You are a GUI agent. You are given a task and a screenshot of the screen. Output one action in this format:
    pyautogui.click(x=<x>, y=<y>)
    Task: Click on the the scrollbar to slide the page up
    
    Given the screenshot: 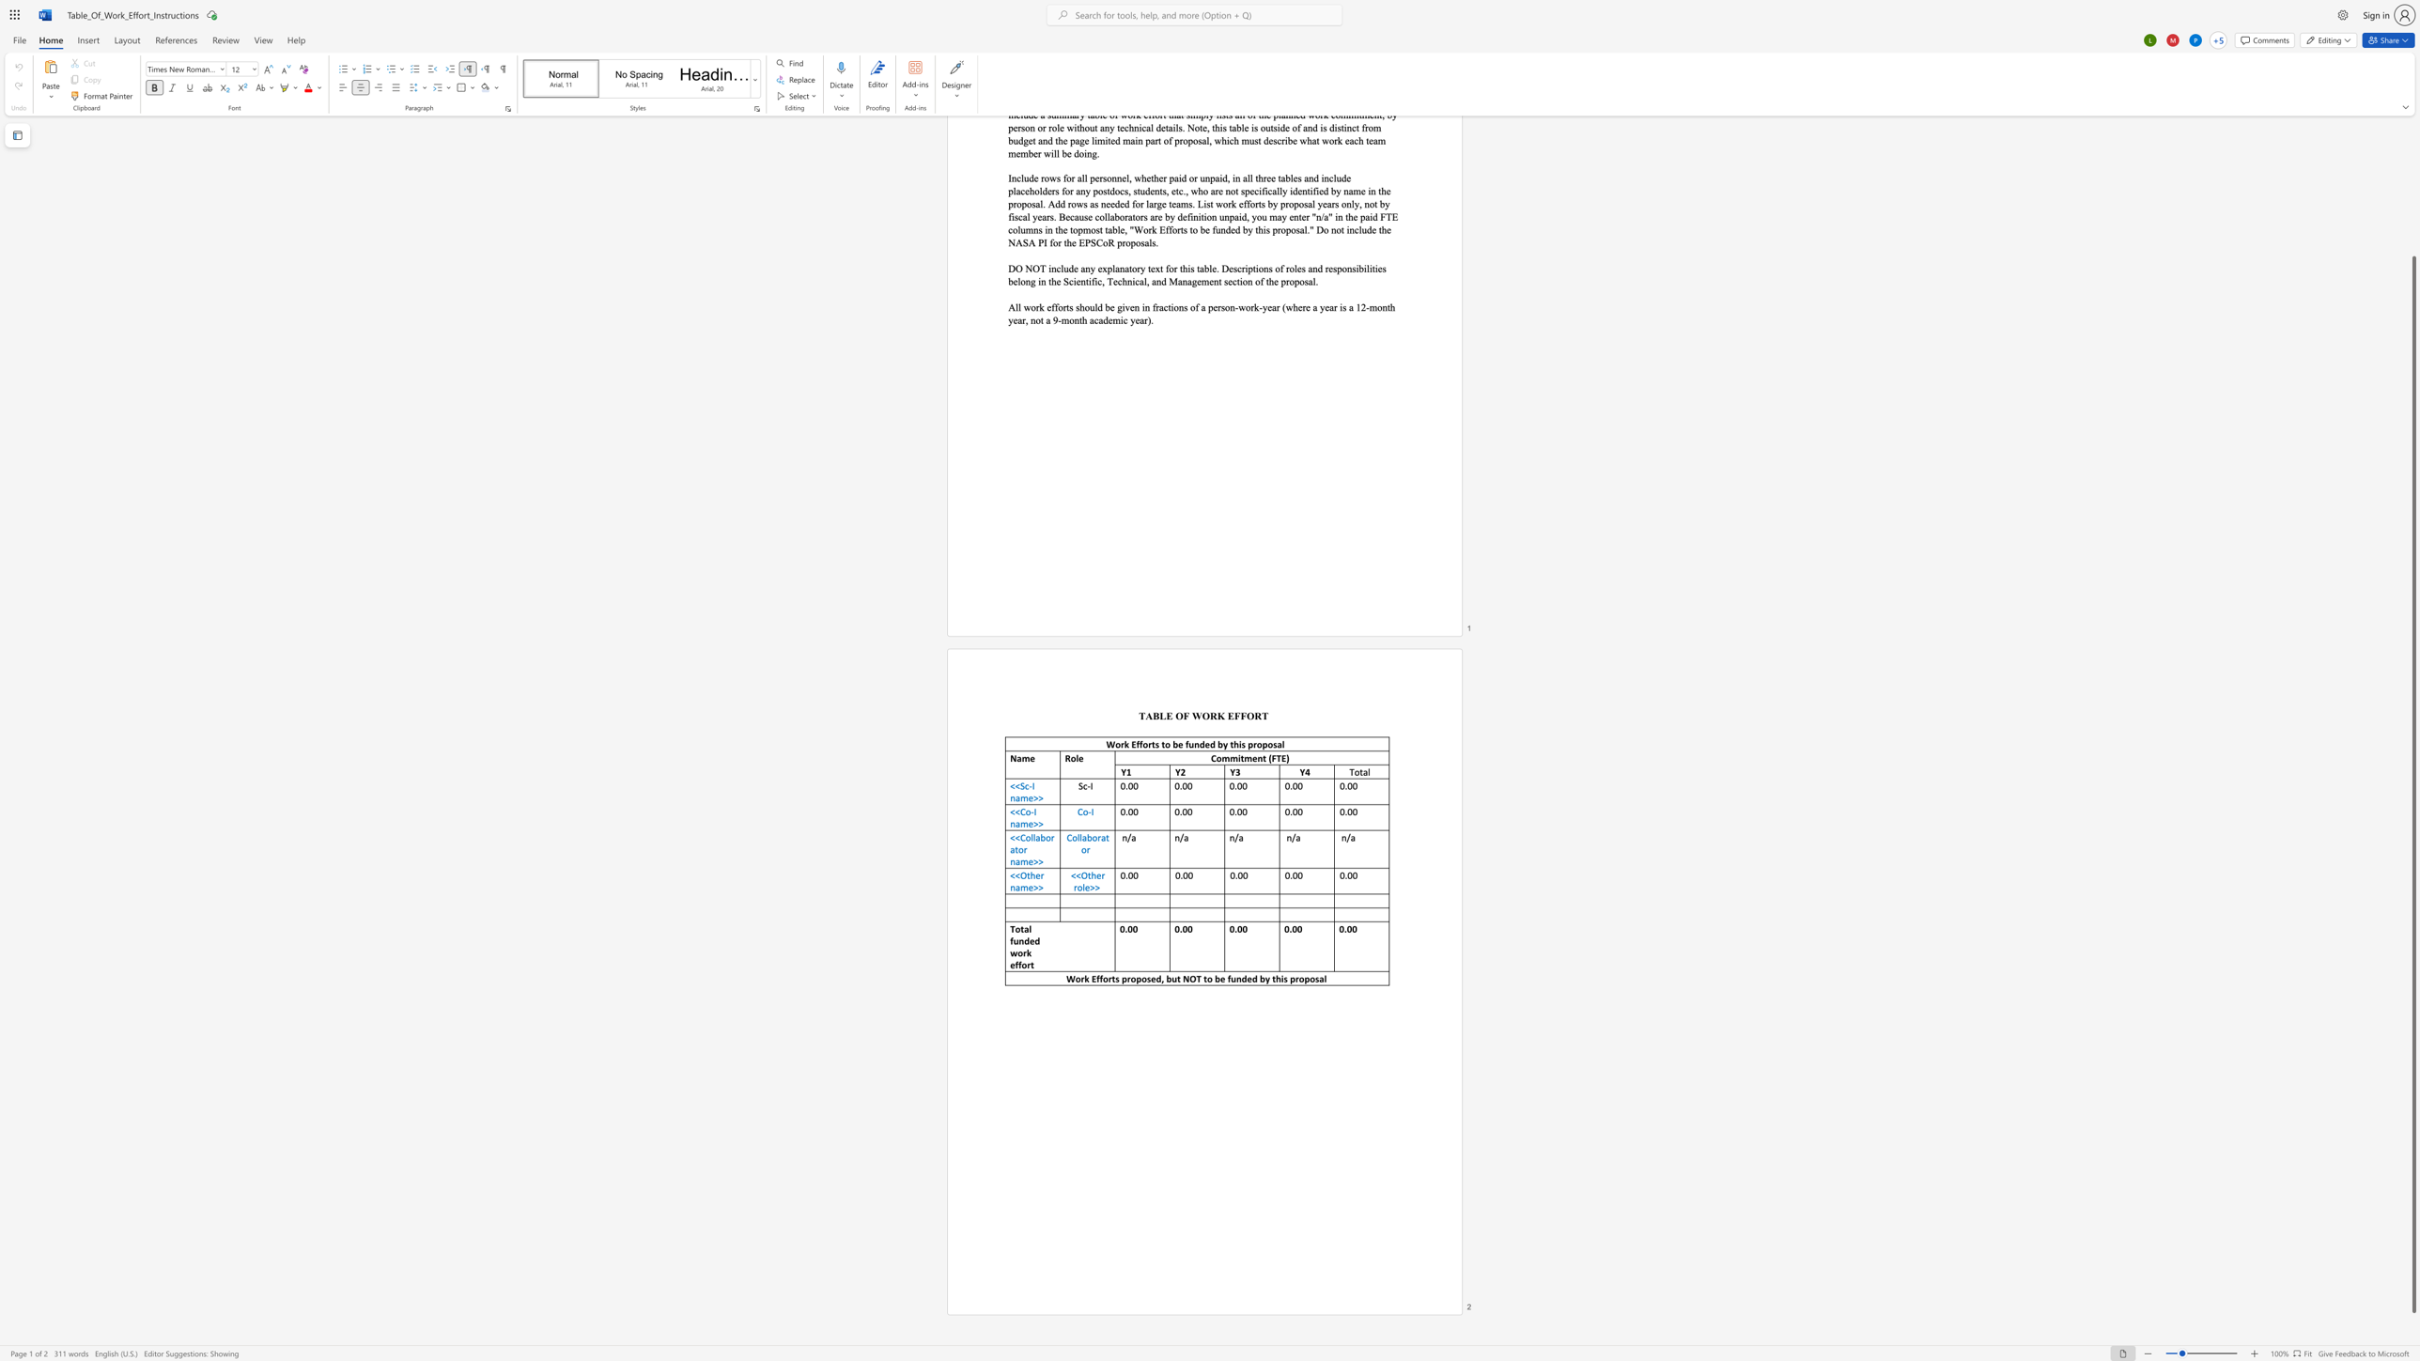 What is the action you would take?
    pyautogui.click(x=2412, y=156)
    